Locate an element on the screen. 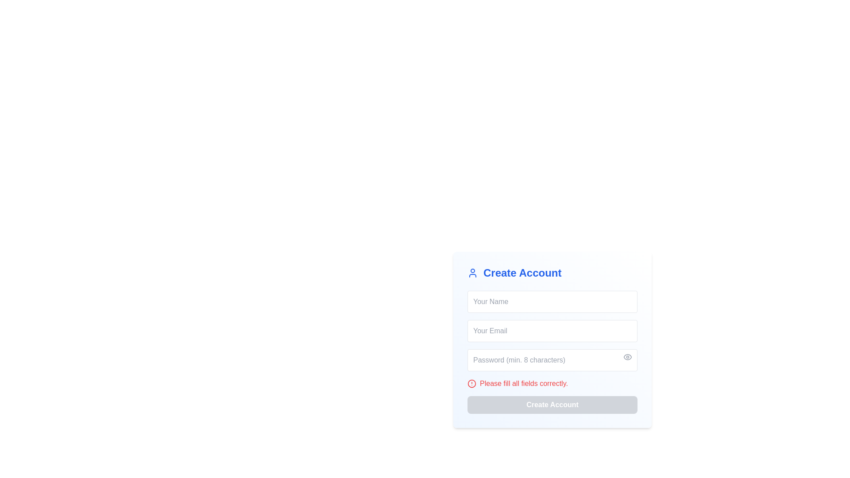  warning message displayed in red color with an icon on the left stating 'Please fill all fields correctly.' is located at coordinates (552, 383).